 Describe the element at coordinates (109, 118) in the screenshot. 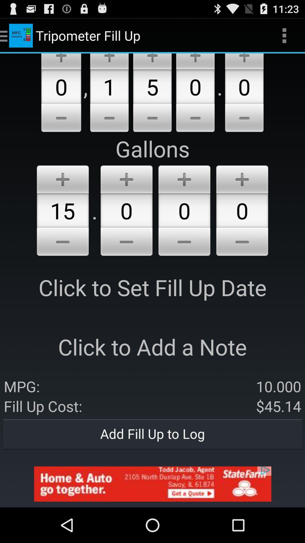

I see `subtract 1 from number above` at that location.